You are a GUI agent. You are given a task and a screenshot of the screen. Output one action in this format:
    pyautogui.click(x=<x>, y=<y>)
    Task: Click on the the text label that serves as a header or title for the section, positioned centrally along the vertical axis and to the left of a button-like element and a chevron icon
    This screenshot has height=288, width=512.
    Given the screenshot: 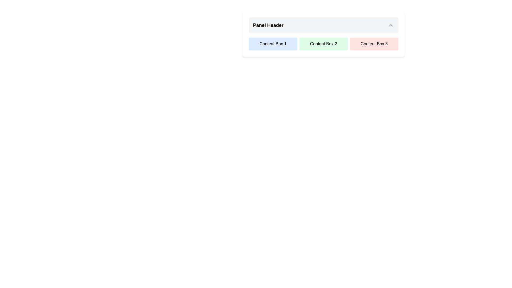 What is the action you would take?
    pyautogui.click(x=268, y=25)
    